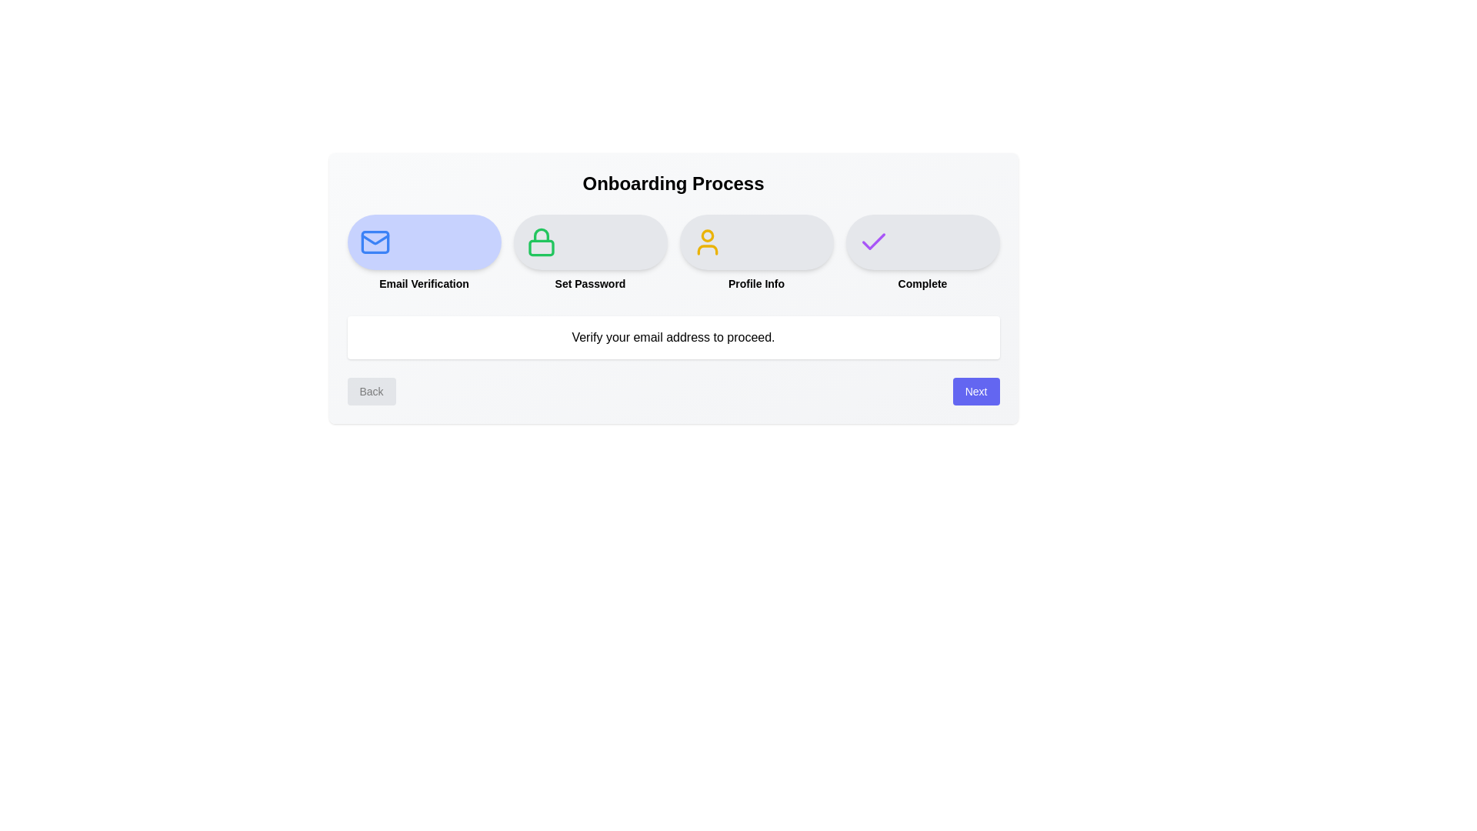 The height and width of the screenshot is (831, 1477). Describe the element at coordinates (424, 242) in the screenshot. I see `the step Email Verification to inspect its feedback` at that location.